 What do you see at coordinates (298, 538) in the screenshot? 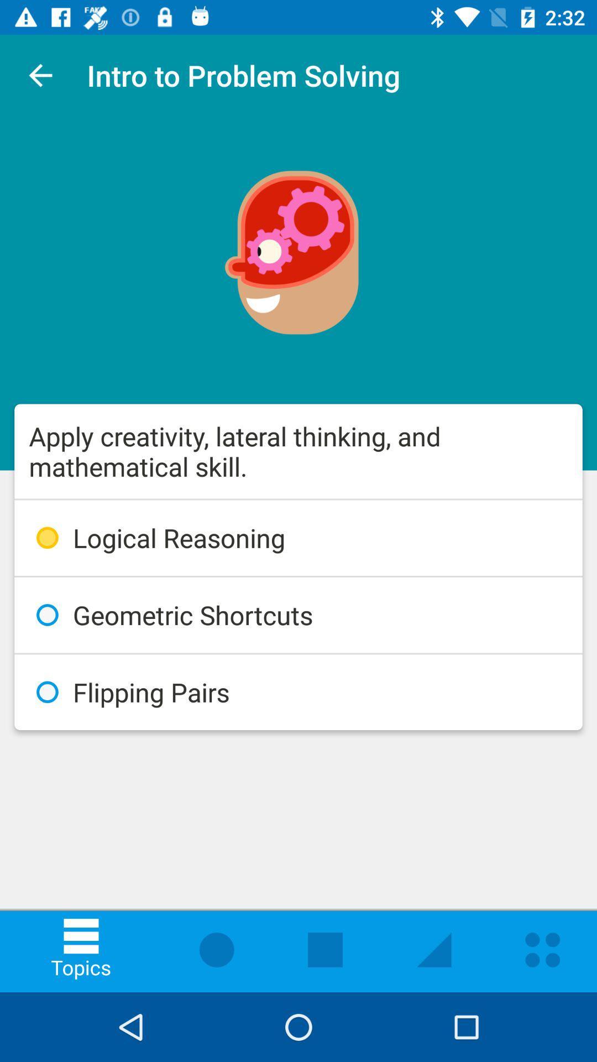
I see `logical reasoning` at bounding box center [298, 538].